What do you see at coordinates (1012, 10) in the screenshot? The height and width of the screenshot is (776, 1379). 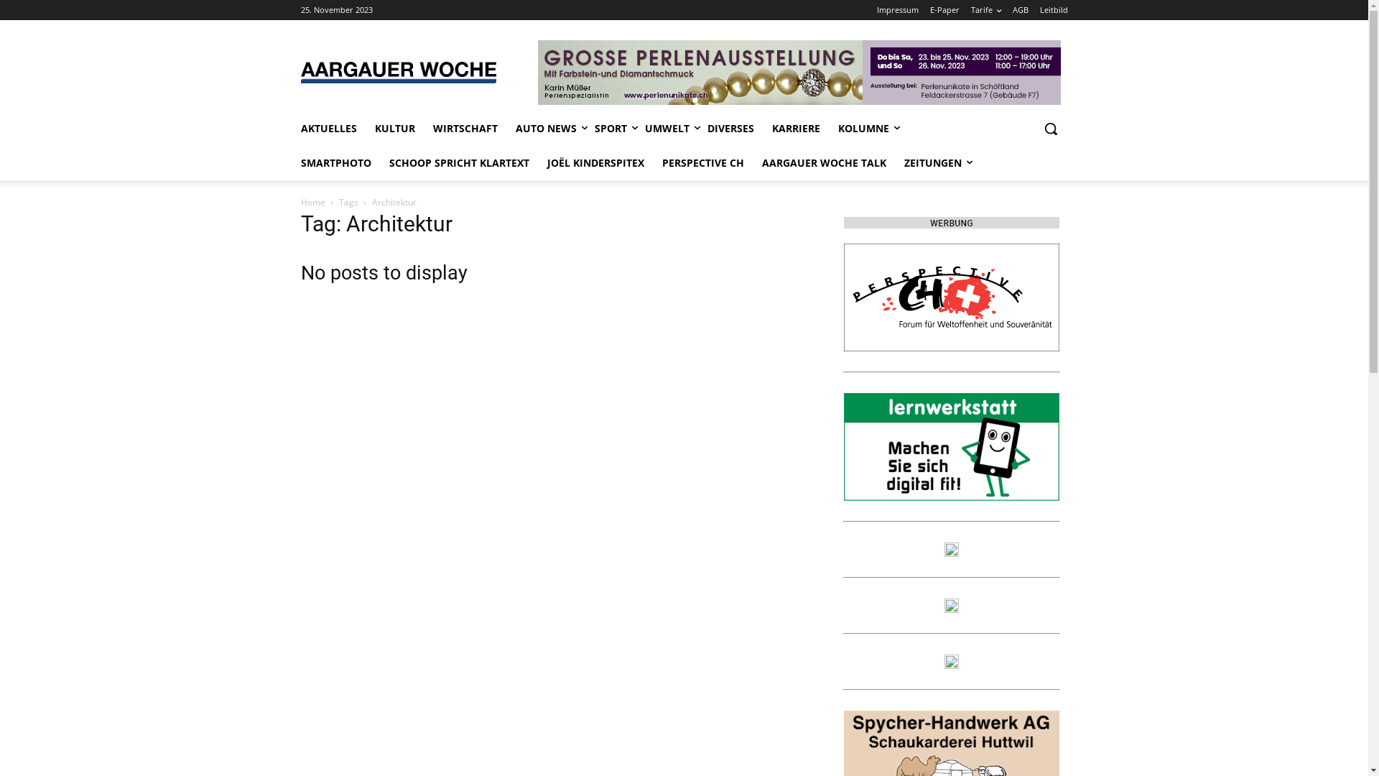 I see `'AGB'` at bounding box center [1012, 10].